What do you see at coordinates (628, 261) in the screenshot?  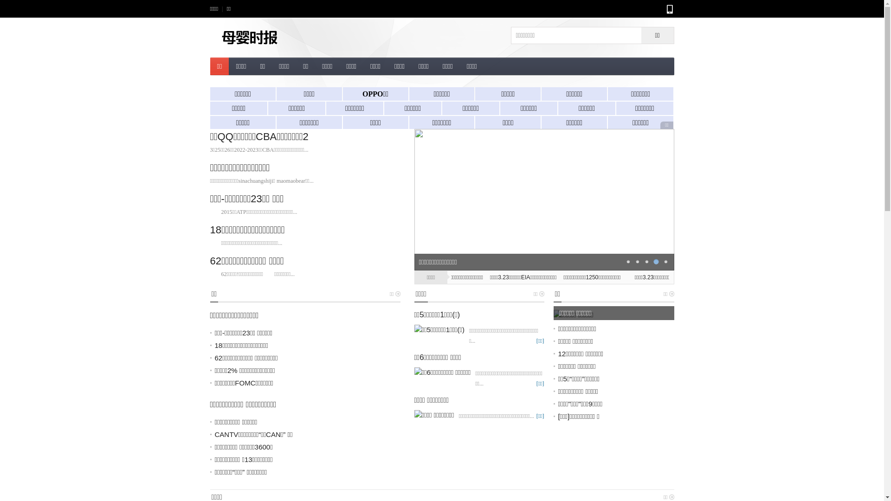 I see `'1'` at bounding box center [628, 261].